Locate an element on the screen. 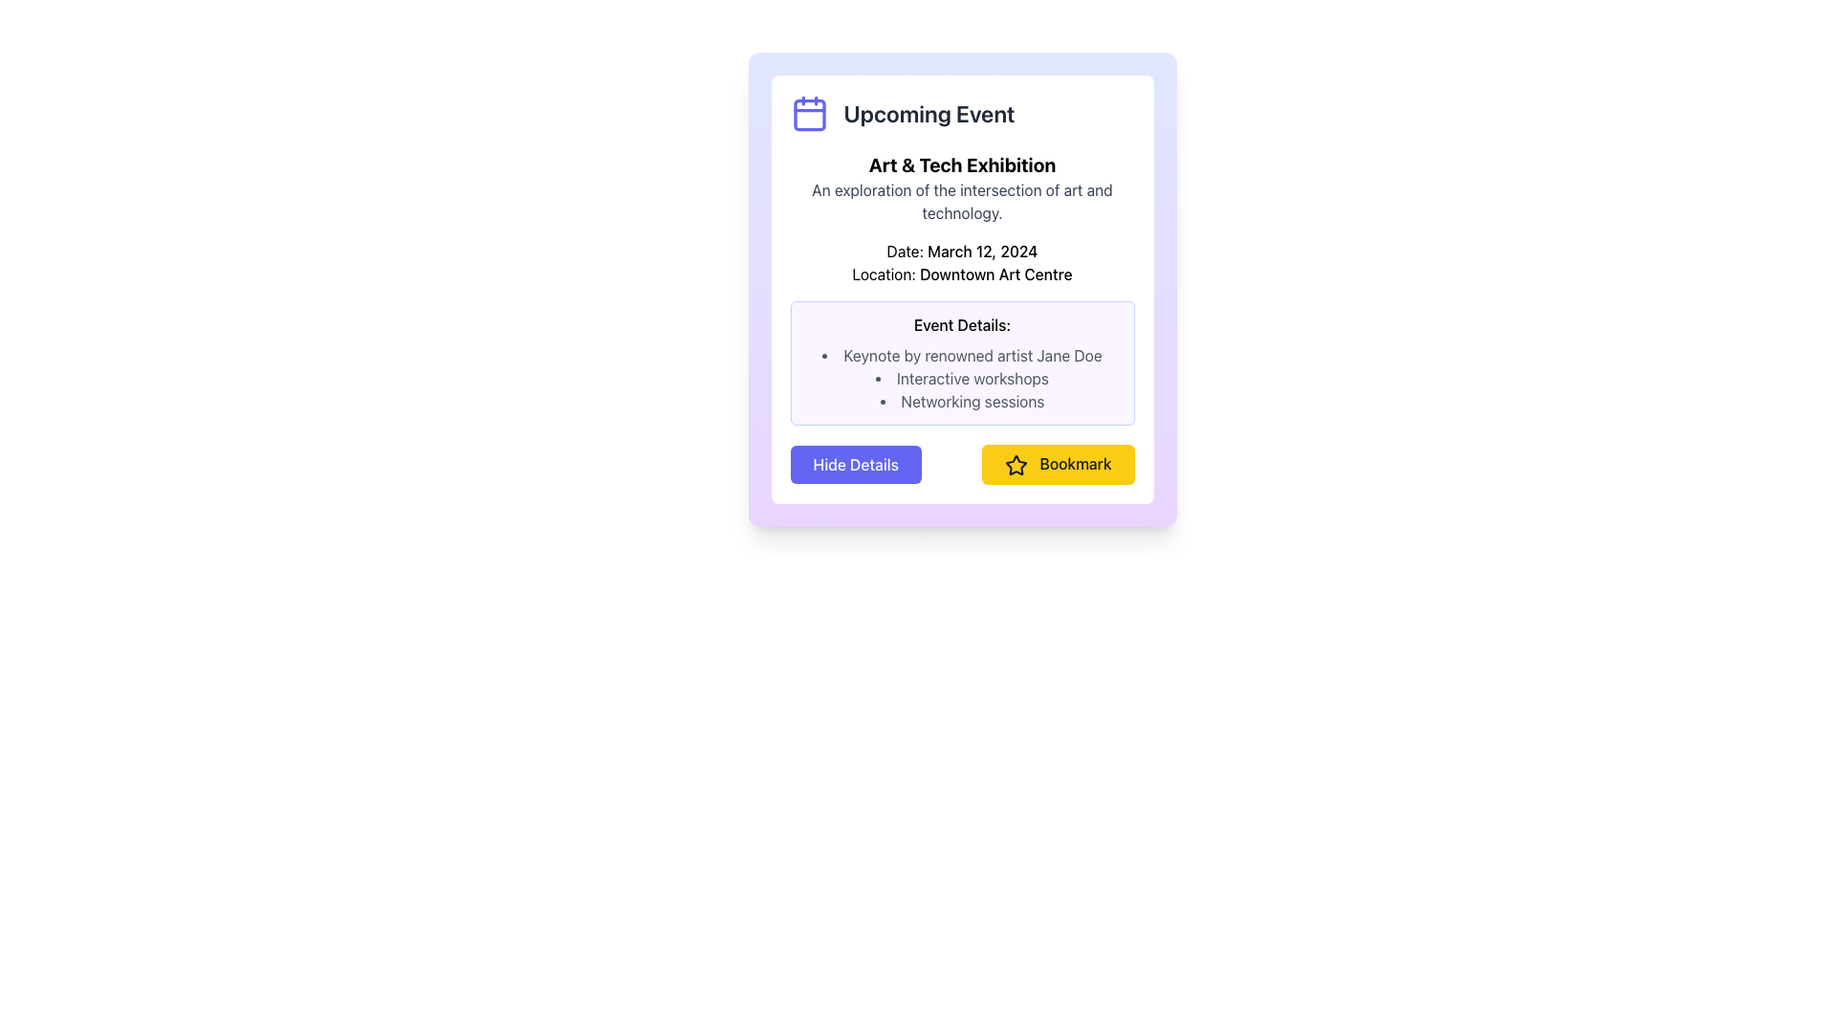 This screenshot has height=1033, width=1836. the Text display element that shows 'Art & Tech Exhibition' and its description 'An exploration of the intersection of art and technology.' located within the 'Upcoming Event' group is located at coordinates (962, 187).